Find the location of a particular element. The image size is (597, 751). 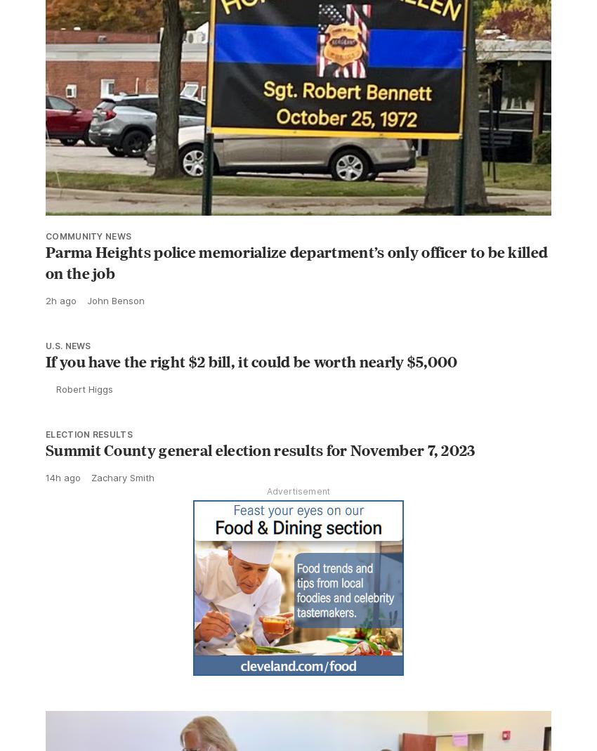

'14h ago' is located at coordinates (63, 476).